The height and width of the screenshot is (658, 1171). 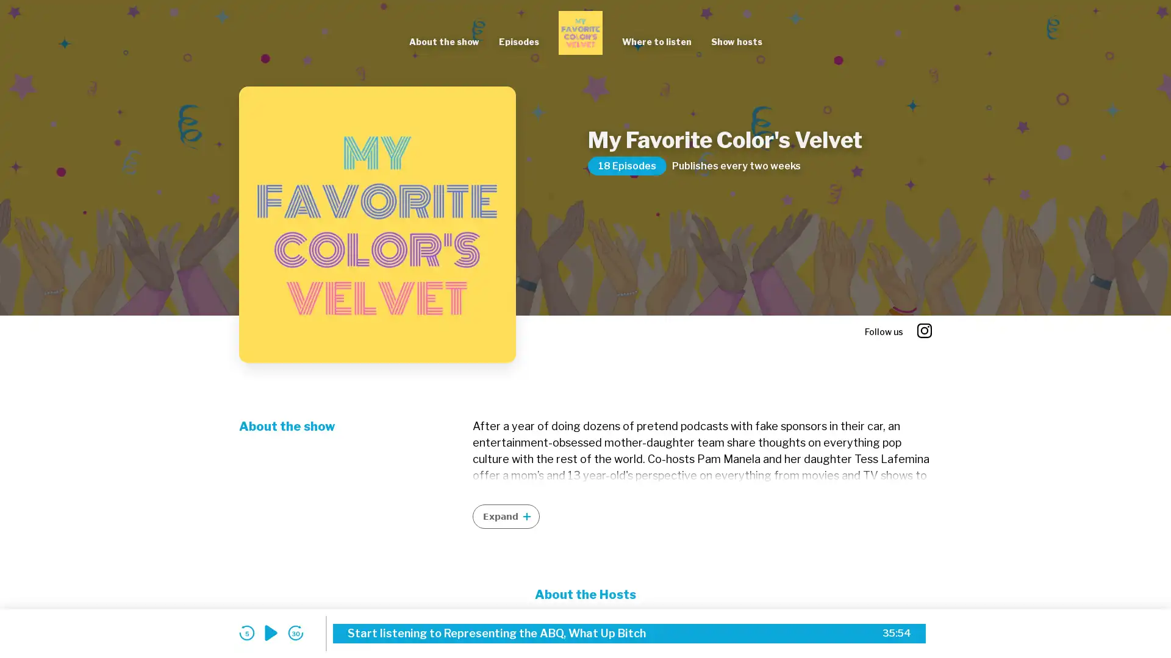 I want to click on skip forward 30 seconds, so click(x=295, y=632).